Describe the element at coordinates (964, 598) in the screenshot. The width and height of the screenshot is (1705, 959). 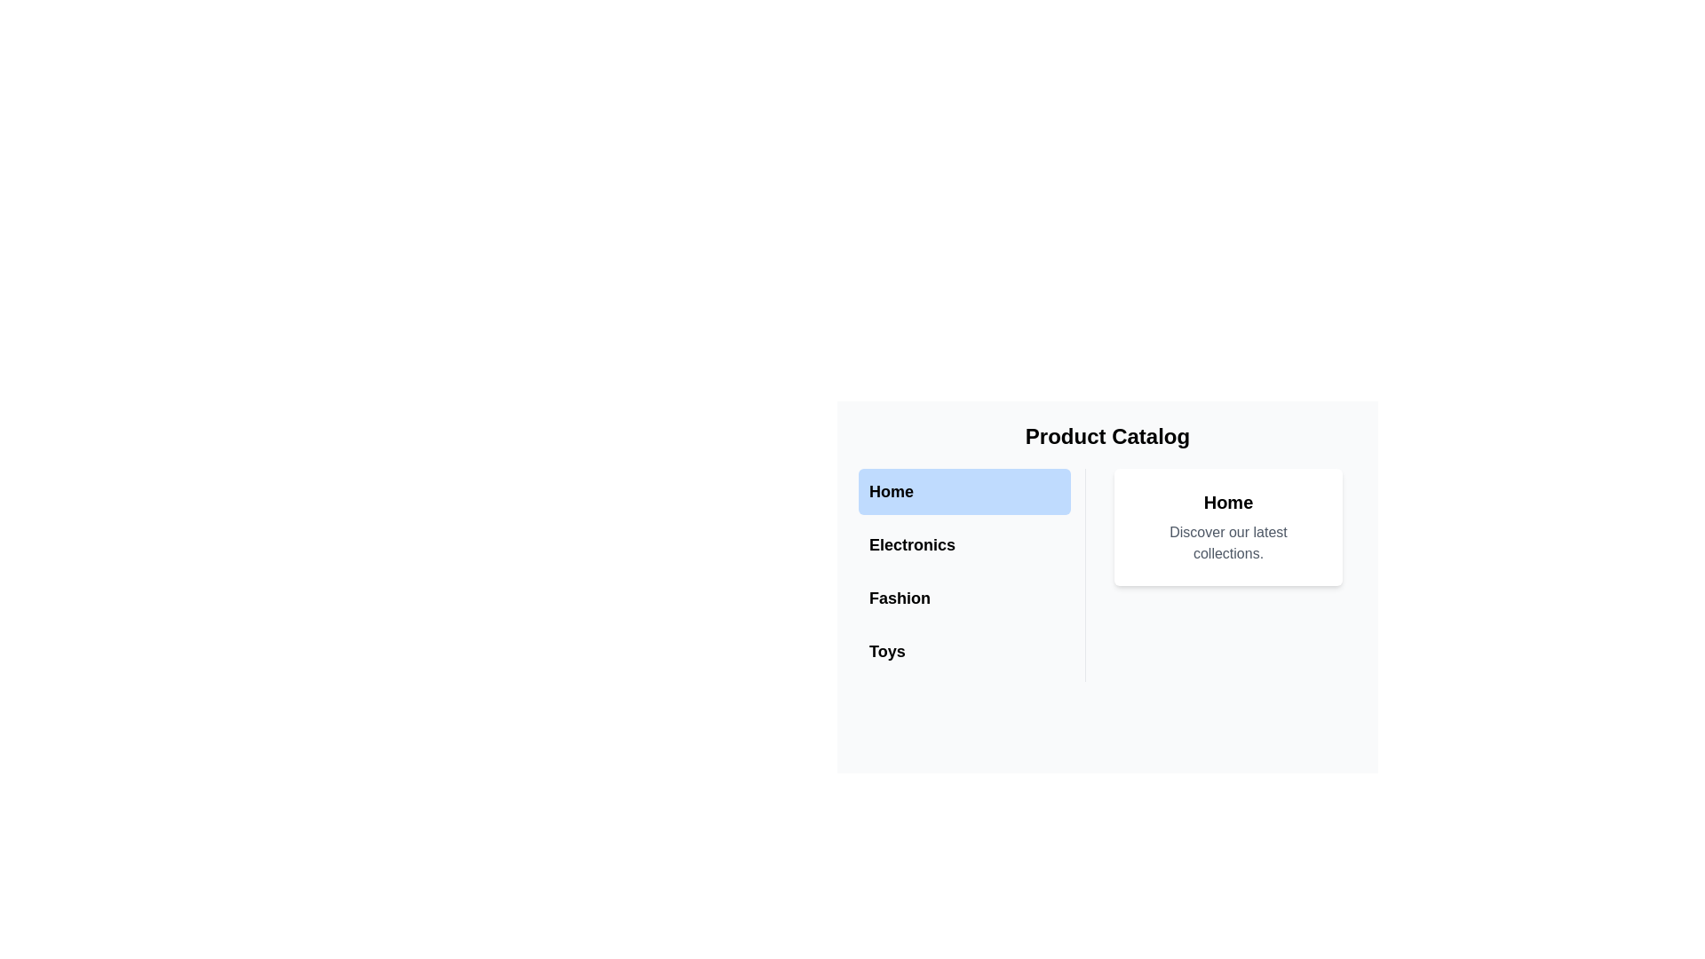
I see `the 'Fashion' button, which is a horizontally aligned rectangular button located in the sidebar` at that location.